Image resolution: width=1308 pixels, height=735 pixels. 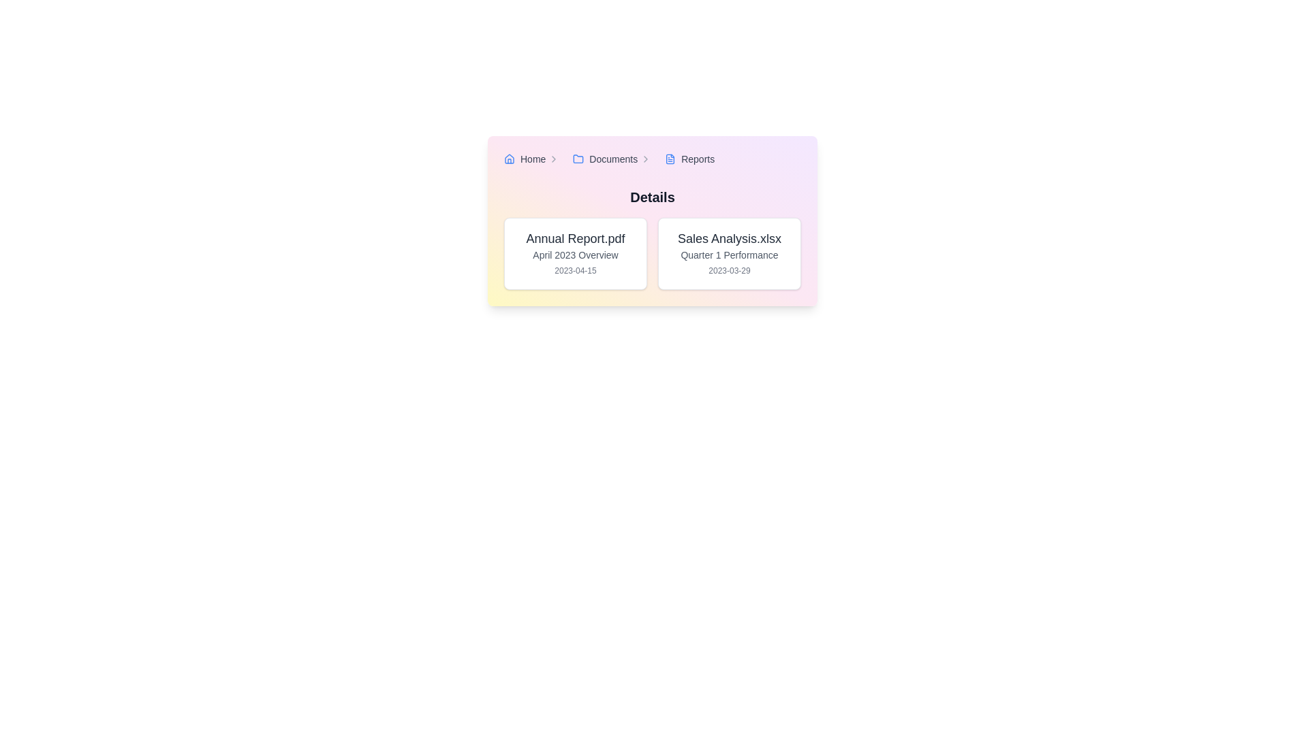 I want to click on the button card labeled 'Sales Analysis.xlsx', so click(x=728, y=254).